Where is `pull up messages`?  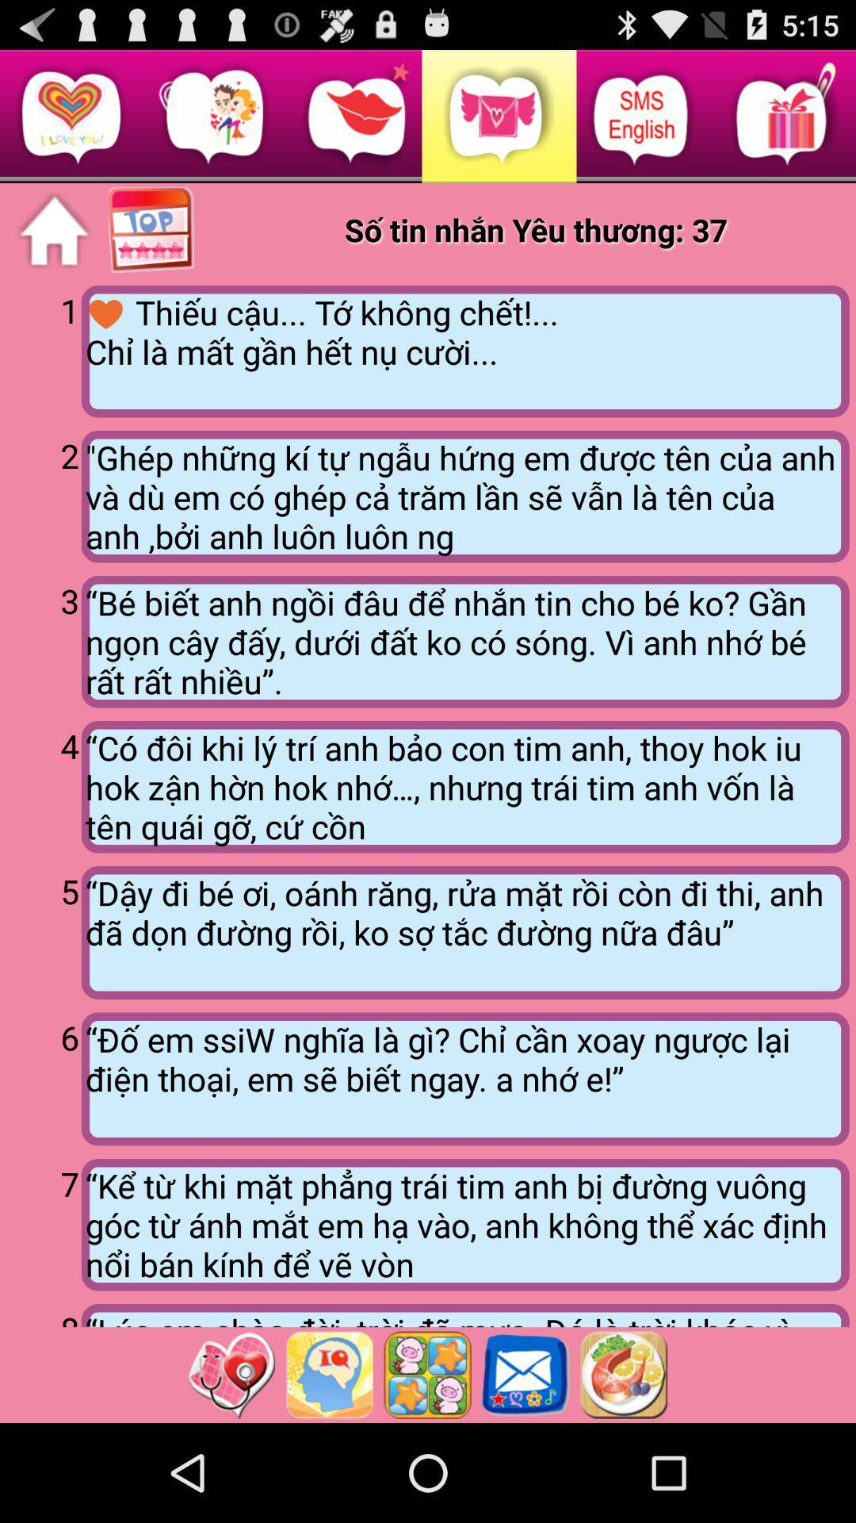 pull up messages is located at coordinates (525, 1374).